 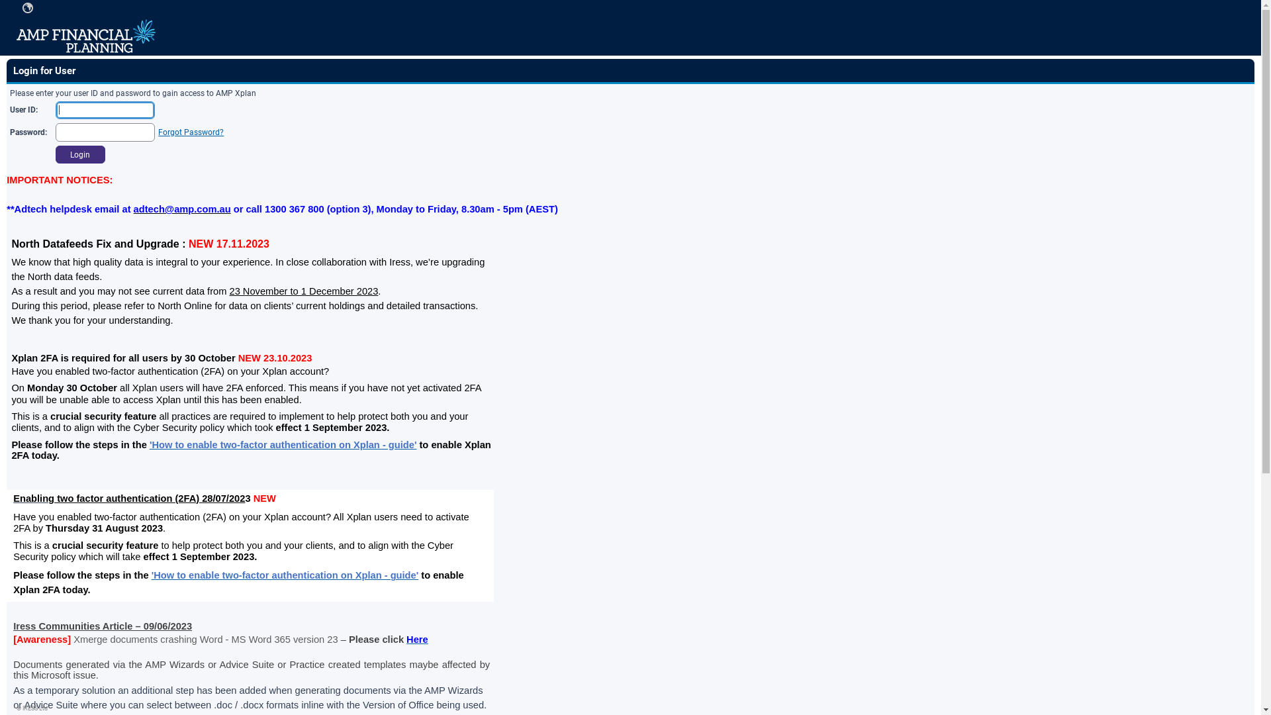 I want to click on 'Forgot Password?', so click(x=158, y=132).